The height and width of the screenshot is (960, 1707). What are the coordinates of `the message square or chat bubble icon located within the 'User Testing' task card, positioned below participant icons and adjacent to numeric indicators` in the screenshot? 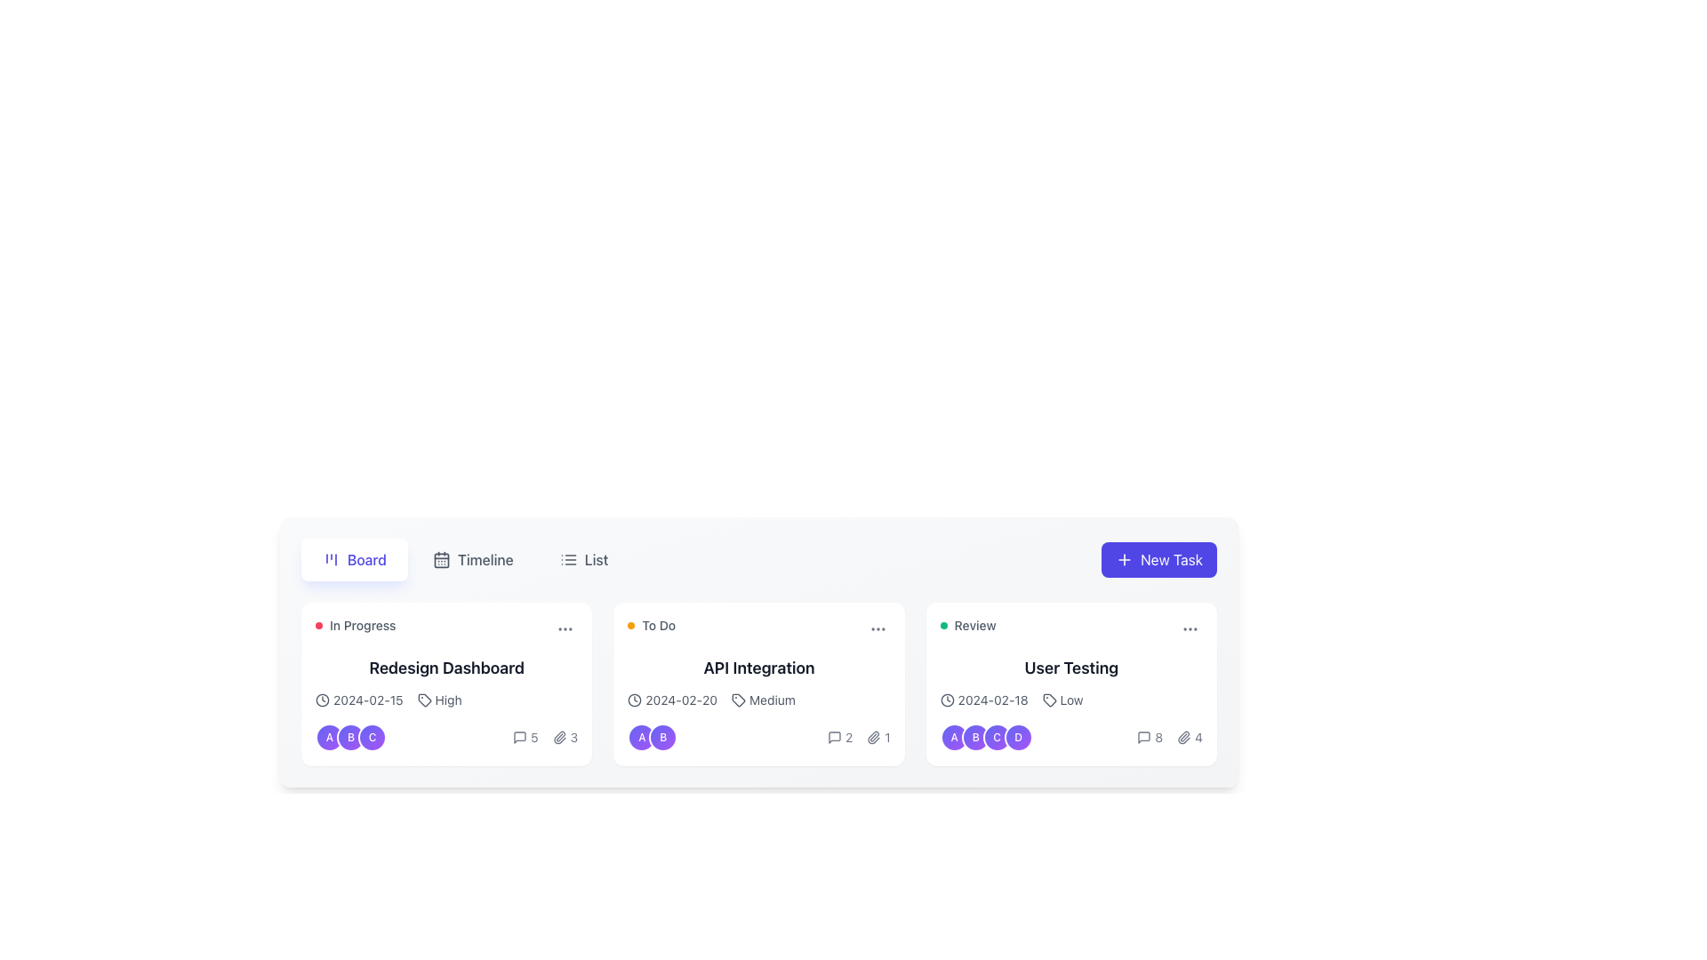 It's located at (1144, 737).